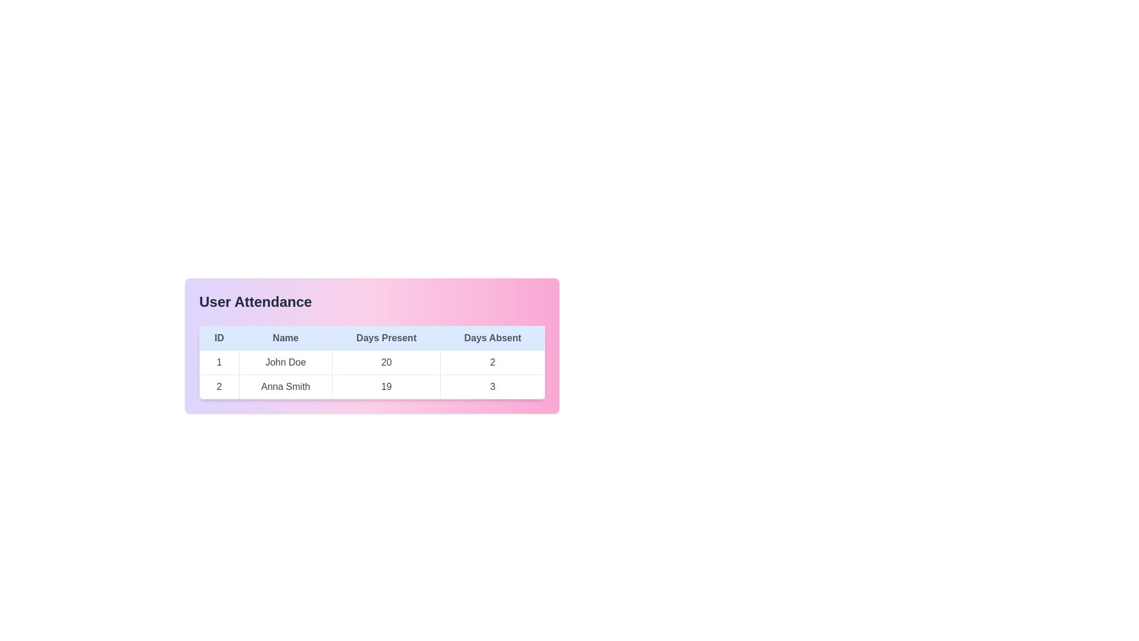 The image size is (1139, 641). What do you see at coordinates (386, 361) in the screenshot?
I see `the text display cell in the attendance table that shows the number of days present for 'John Doe', located in the third column of the first row under the 'Days Present' heading` at bounding box center [386, 361].